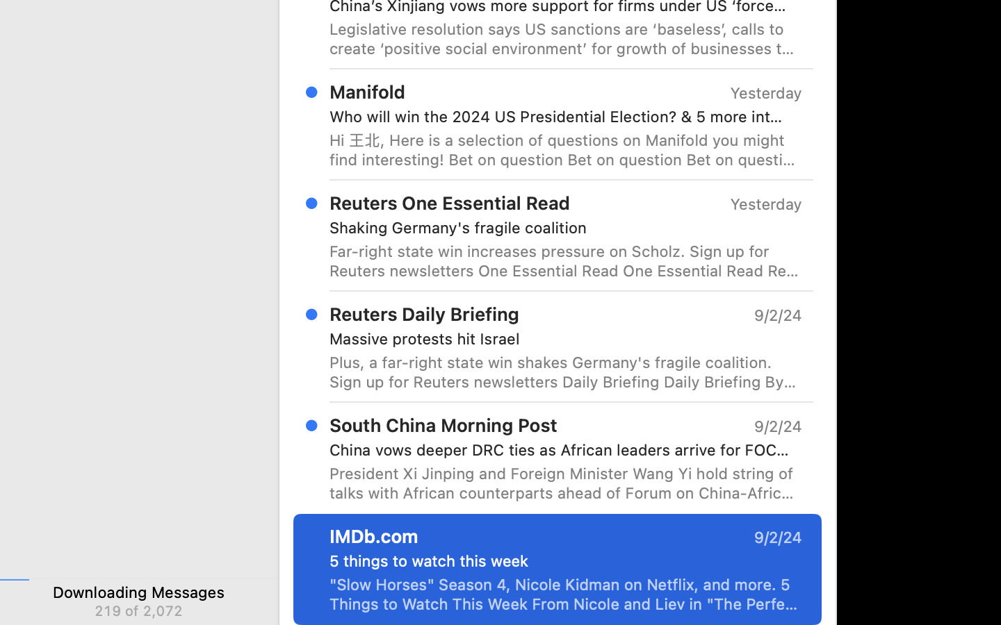 The width and height of the screenshot is (1001, 625). What do you see at coordinates (560, 117) in the screenshot?
I see `'Who will win the 2024 US Presidential Election? & 5 more interesting markets on Manifold'` at bounding box center [560, 117].